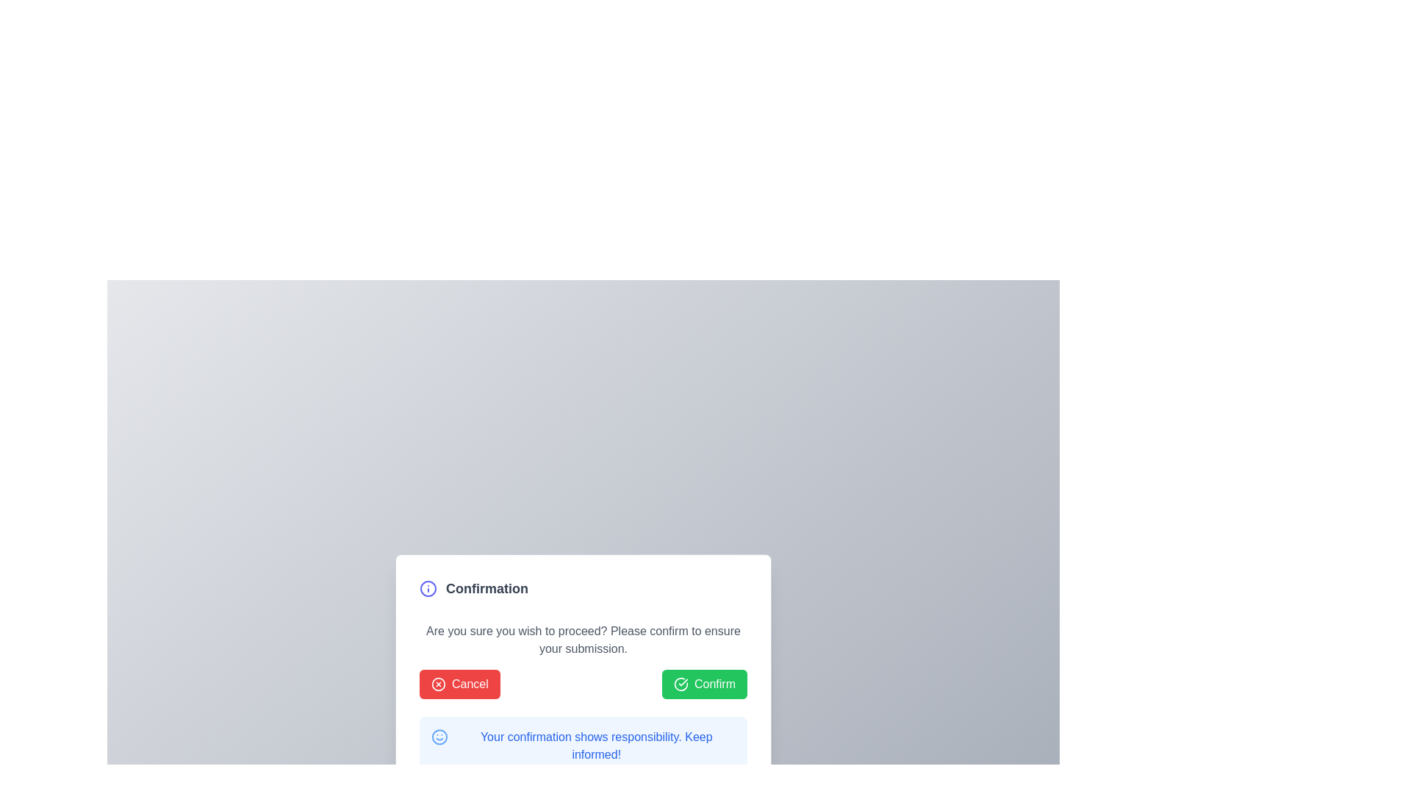  I want to click on the icon within the 'Cancel' button, which is visually emphasized and located on the left side of the button, so click(437, 684).